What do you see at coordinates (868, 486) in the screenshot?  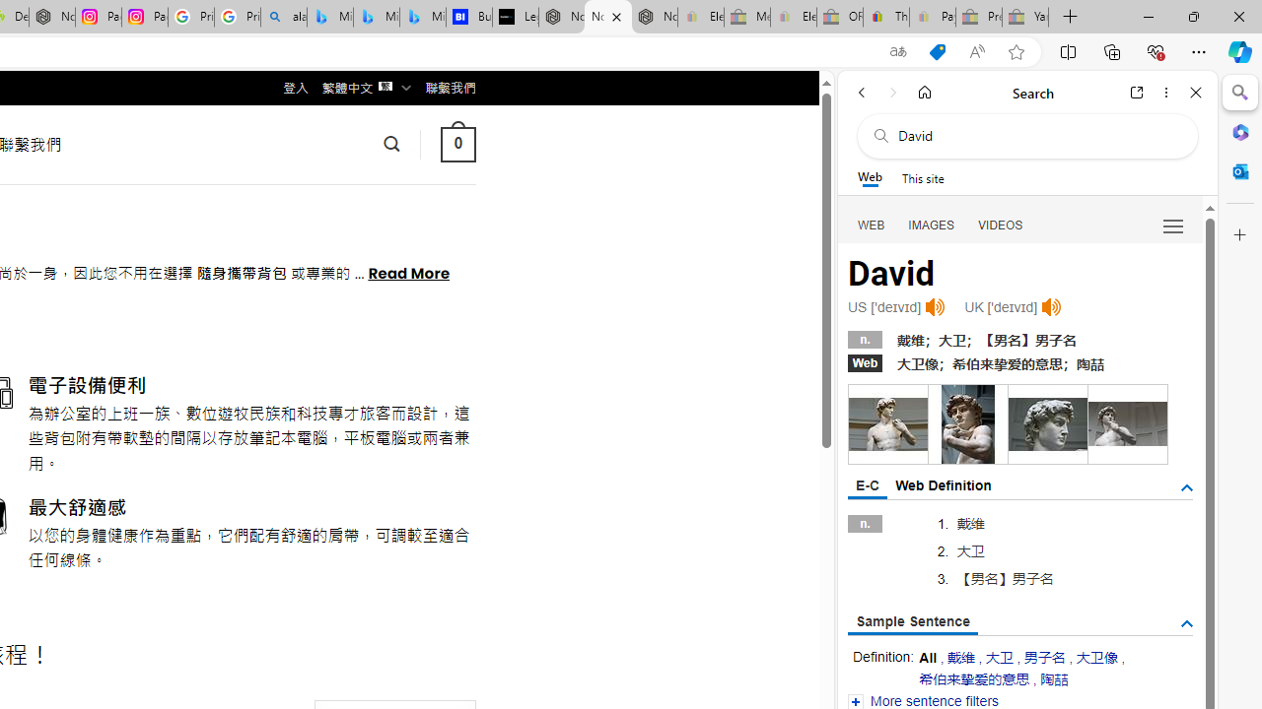 I see `'E-C'` at bounding box center [868, 486].